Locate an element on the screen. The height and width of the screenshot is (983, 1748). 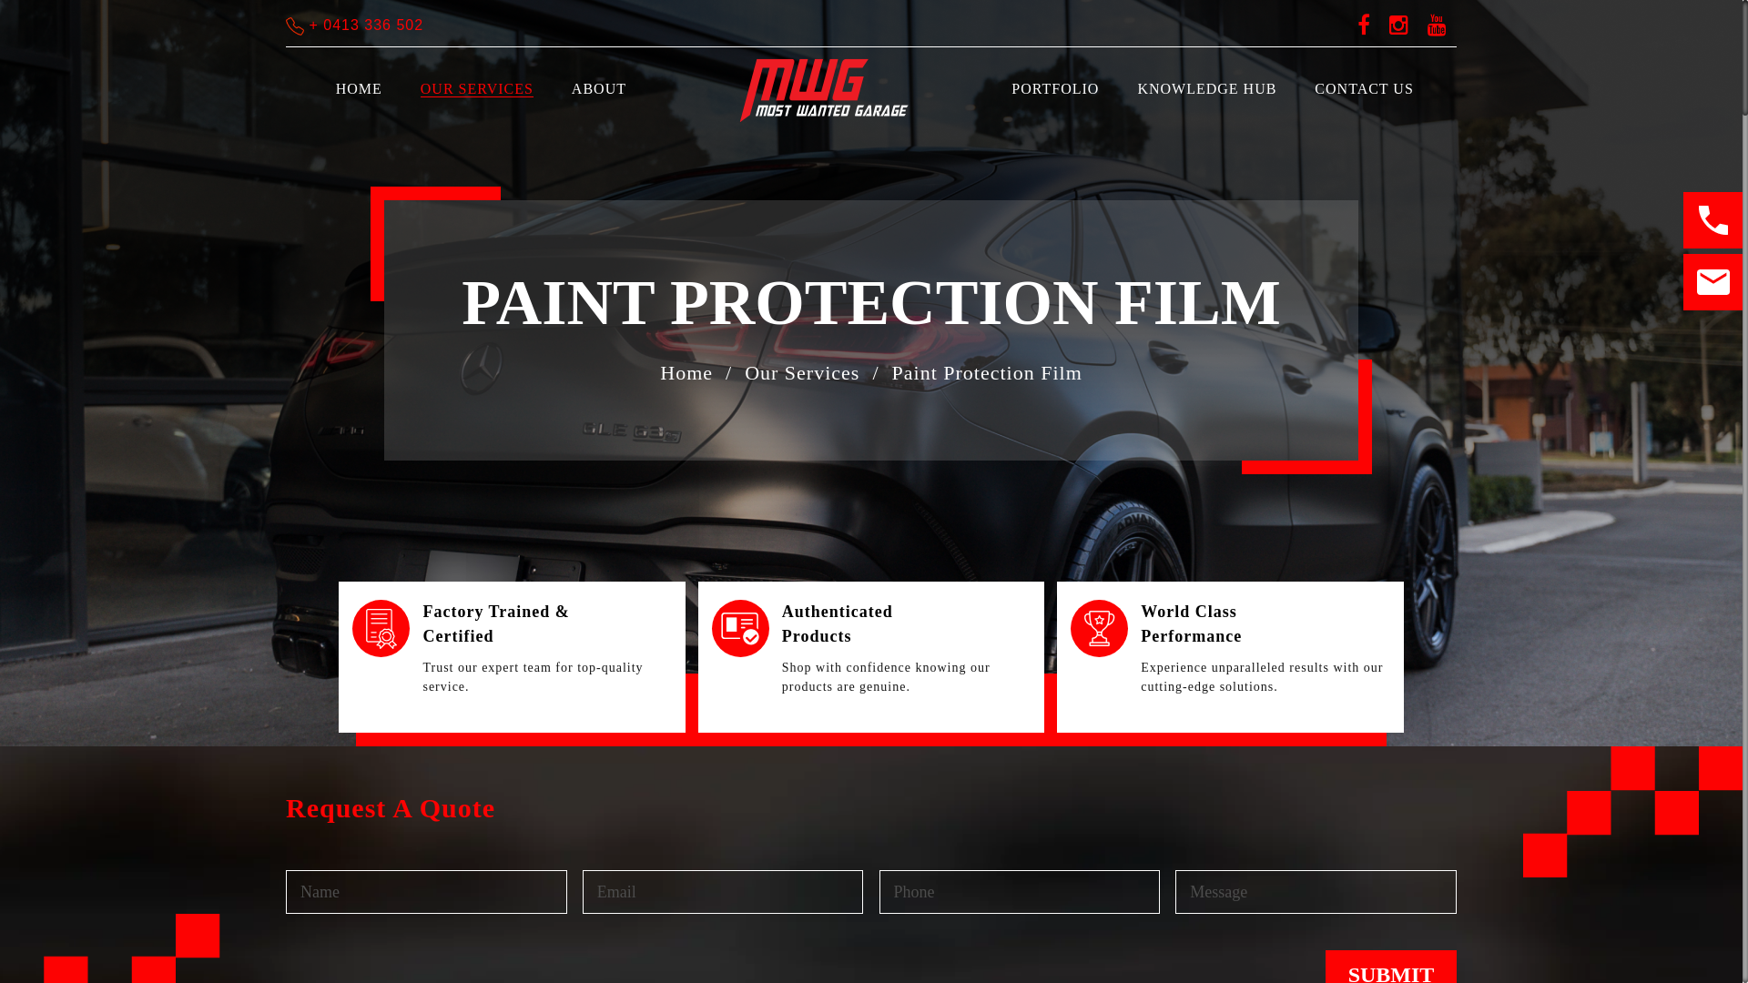
'HOME' is located at coordinates (359, 88).